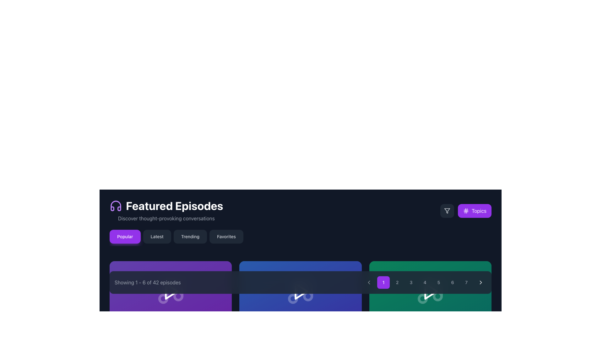 Image resolution: width=603 pixels, height=339 pixels. What do you see at coordinates (423, 299) in the screenshot?
I see `the middle circle graphic element located on the right side of the layout, which serves as a decorative or interactive graphical cue` at bounding box center [423, 299].